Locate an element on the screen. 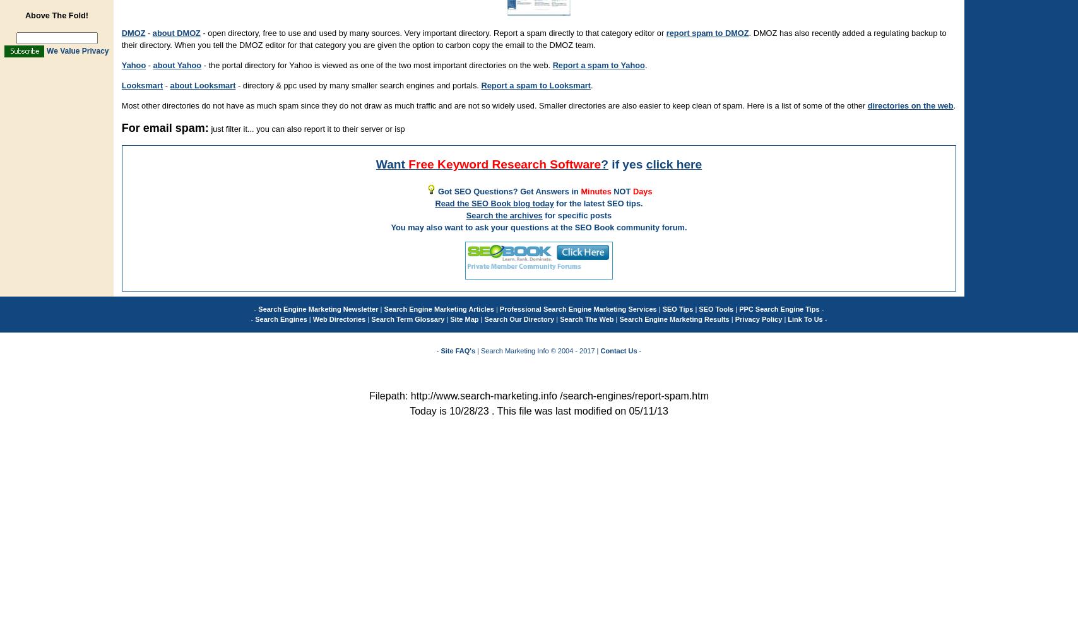  'You may also want to ask your questions at the SEO Book community forum.' is located at coordinates (538, 227).